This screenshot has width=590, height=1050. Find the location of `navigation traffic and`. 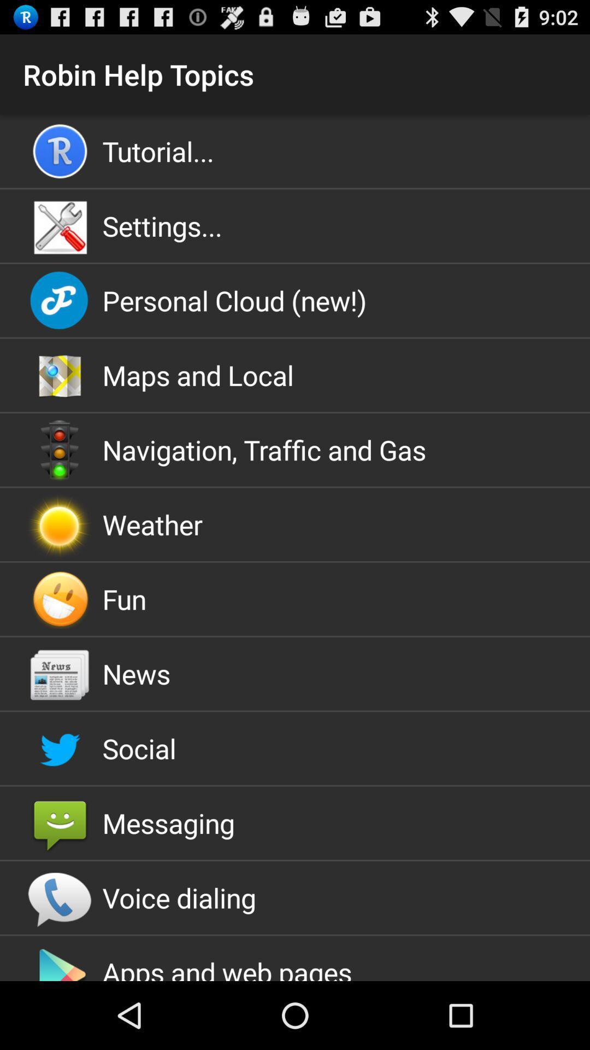

navigation traffic and is located at coordinates (295, 450).